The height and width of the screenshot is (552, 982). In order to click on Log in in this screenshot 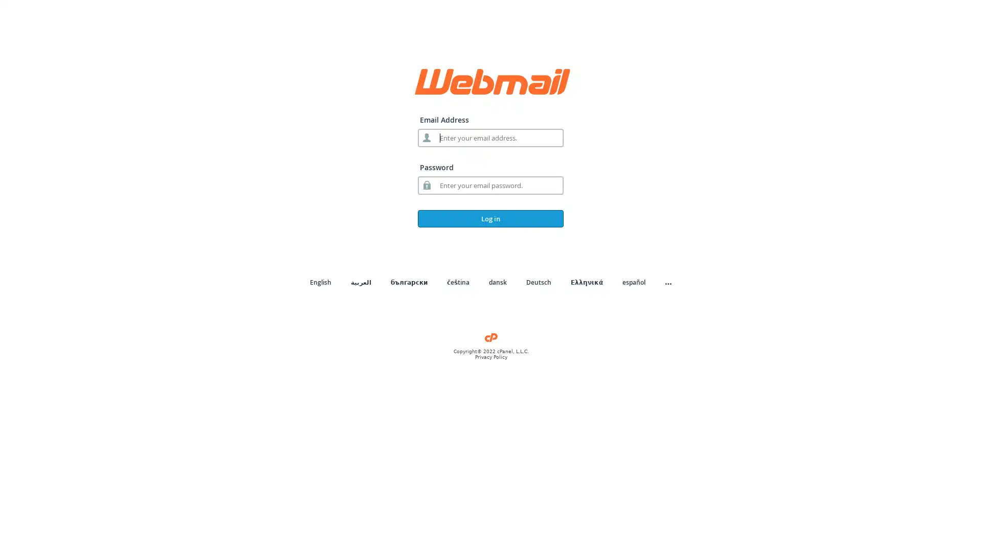, I will do `click(490, 218)`.